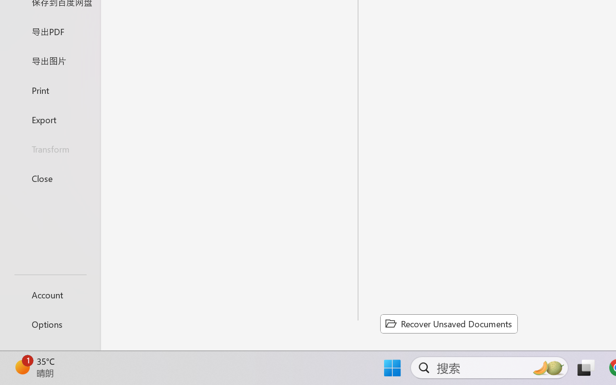  Describe the element at coordinates (50, 295) in the screenshot. I see `'Account'` at that location.